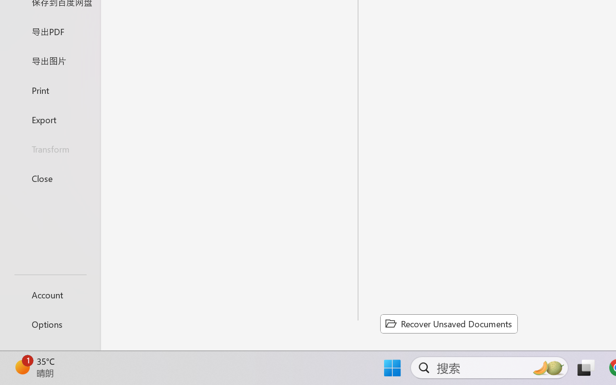  Describe the element at coordinates (50, 295) in the screenshot. I see `'Account'` at that location.